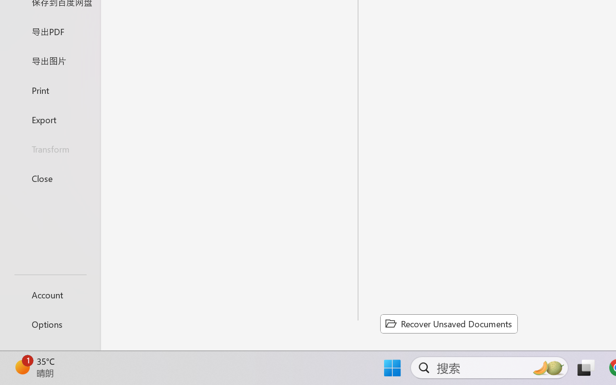  Describe the element at coordinates (50, 295) in the screenshot. I see `'Account'` at that location.